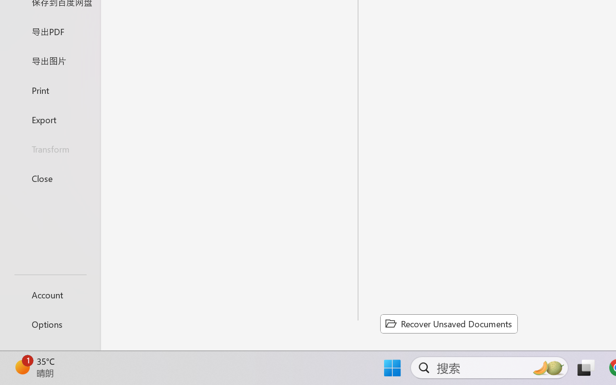  Describe the element at coordinates (50, 295) in the screenshot. I see `'Account'` at that location.